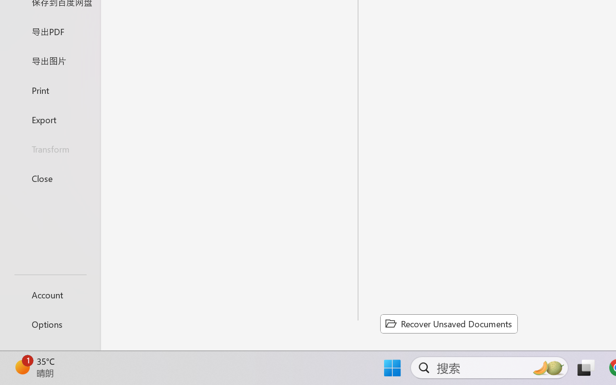  Describe the element at coordinates (50, 295) in the screenshot. I see `'Account'` at that location.